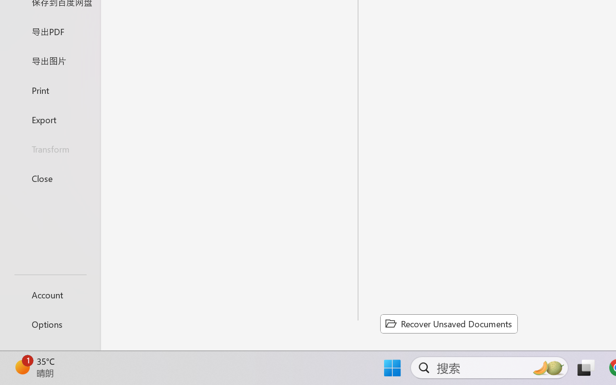  Describe the element at coordinates (50, 295) in the screenshot. I see `'Account'` at that location.